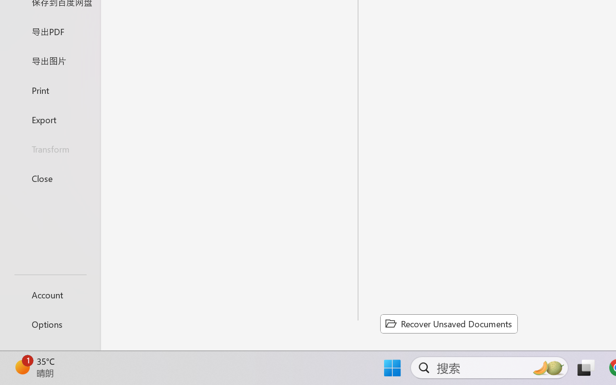  Describe the element at coordinates (50, 295) in the screenshot. I see `'Account'` at that location.